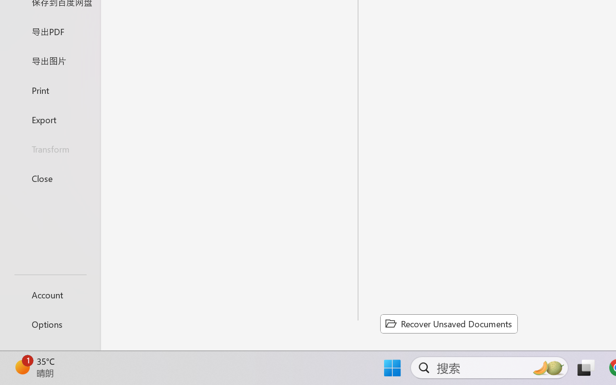  Describe the element at coordinates (50, 295) in the screenshot. I see `'Account'` at that location.